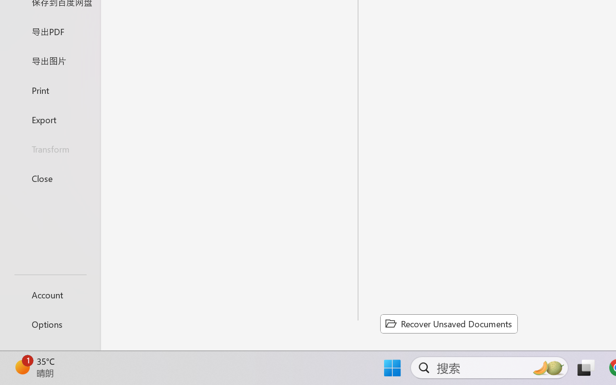  Describe the element at coordinates (50, 295) in the screenshot. I see `'Account'` at that location.